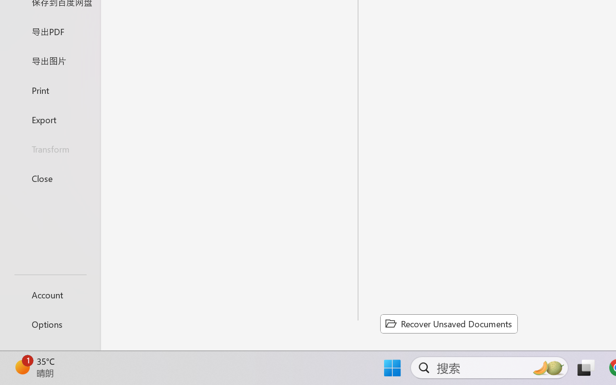  Describe the element at coordinates (50, 295) in the screenshot. I see `'Account'` at that location.